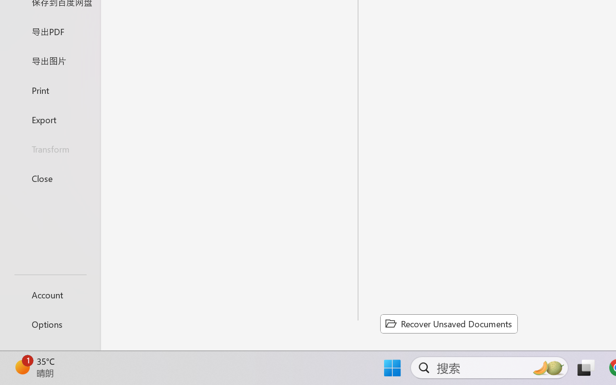  Describe the element at coordinates (50, 295) in the screenshot. I see `'Account'` at that location.